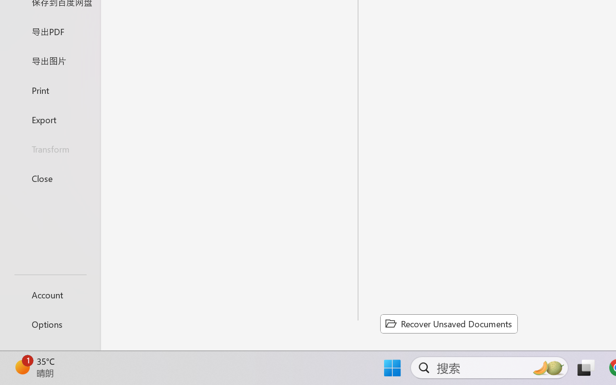  Describe the element at coordinates (50, 295) in the screenshot. I see `'Account'` at that location.